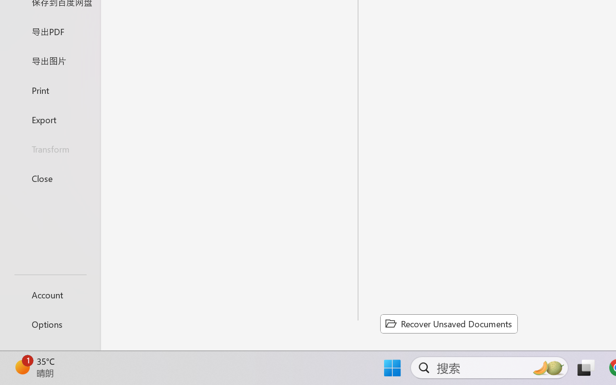  Describe the element at coordinates (50, 295) in the screenshot. I see `'Account'` at that location.